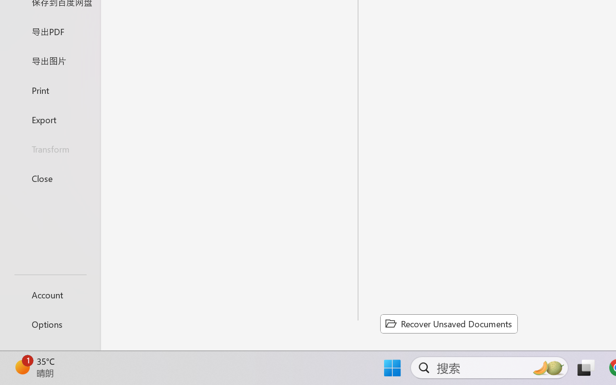  Describe the element at coordinates (50, 295) in the screenshot. I see `'Account'` at that location.